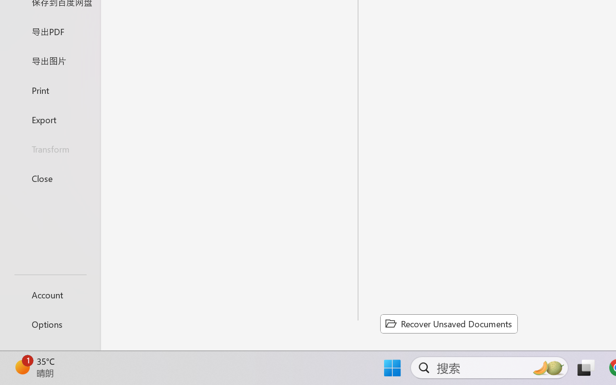  Describe the element at coordinates (50, 295) in the screenshot. I see `'Account'` at that location.